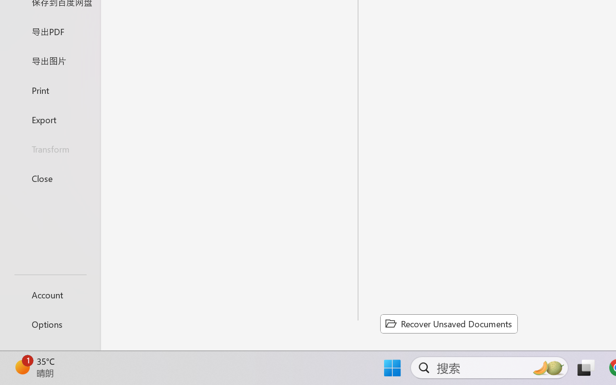  Describe the element at coordinates (50, 295) in the screenshot. I see `'Account'` at that location.